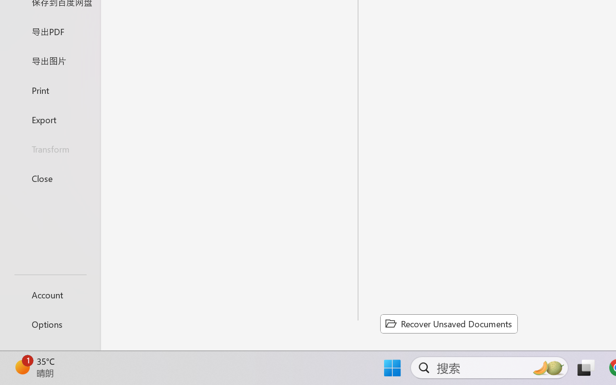  Describe the element at coordinates (50, 295) in the screenshot. I see `'Account'` at that location.